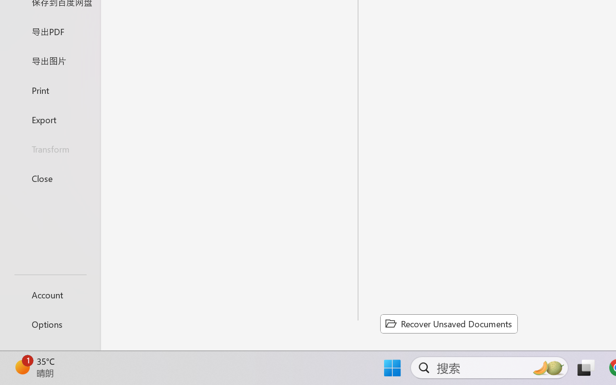  Describe the element at coordinates (50, 295) in the screenshot. I see `'Account'` at that location.